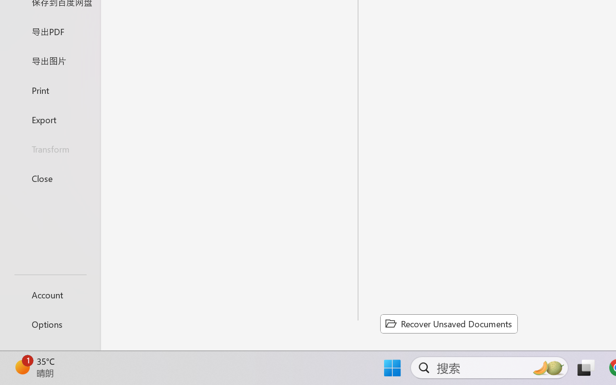  Describe the element at coordinates (50, 295) in the screenshot. I see `'Account'` at that location.